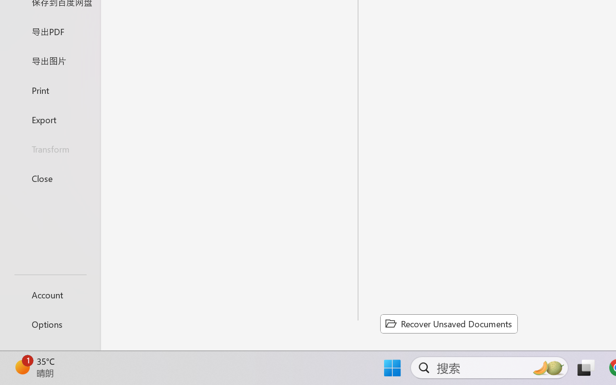  Describe the element at coordinates (50, 295) in the screenshot. I see `'Account'` at that location.